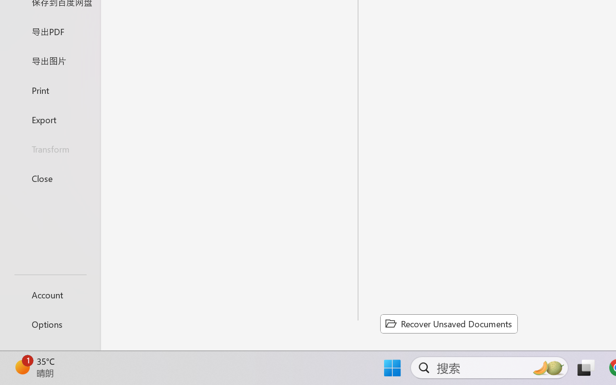  Describe the element at coordinates (50, 295) in the screenshot. I see `'Account'` at that location.